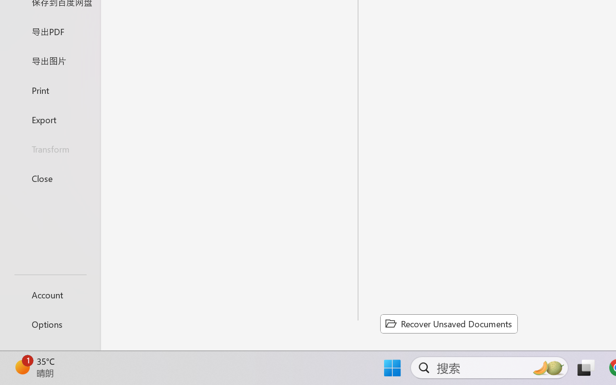  Describe the element at coordinates (50, 295) in the screenshot. I see `'Account'` at that location.